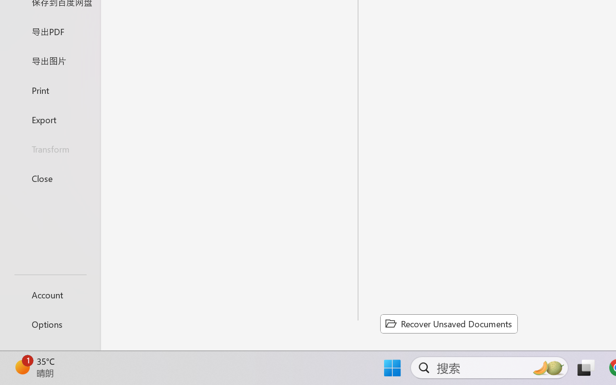  Describe the element at coordinates (50, 295) in the screenshot. I see `'Account'` at that location.